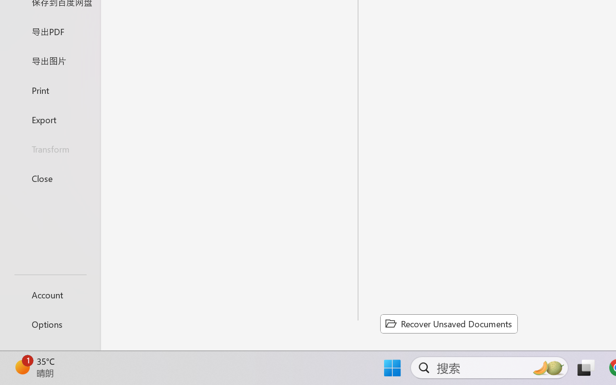  Describe the element at coordinates (50, 295) in the screenshot. I see `'Account'` at that location.